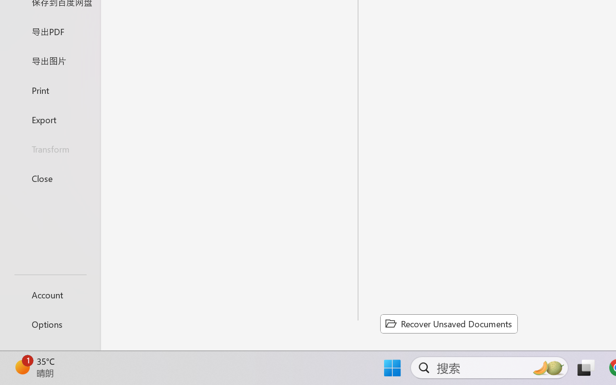  Describe the element at coordinates (50, 295) in the screenshot. I see `'Account'` at that location.